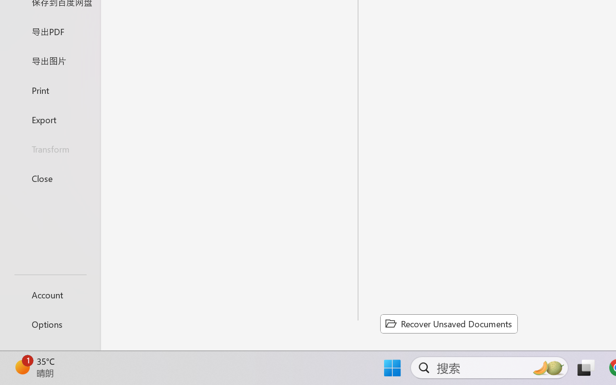  Describe the element at coordinates (50, 295) in the screenshot. I see `'Account'` at that location.